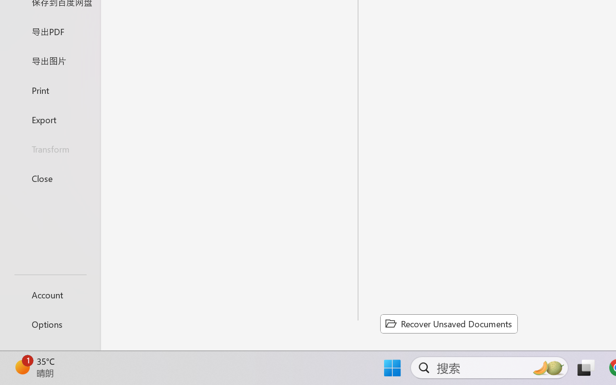  Describe the element at coordinates (50, 295) in the screenshot. I see `'Account'` at that location.